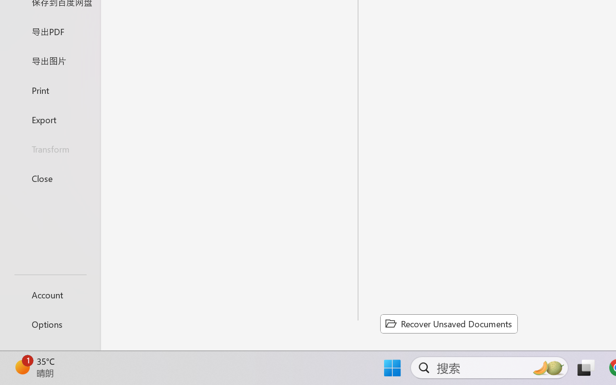  Describe the element at coordinates (50, 295) in the screenshot. I see `'Account'` at that location.